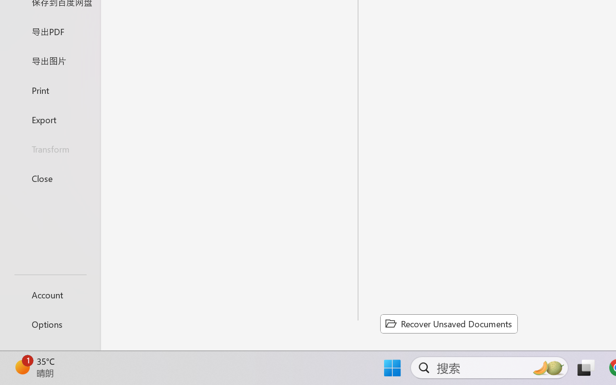  Describe the element at coordinates (50, 295) in the screenshot. I see `'Account'` at that location.